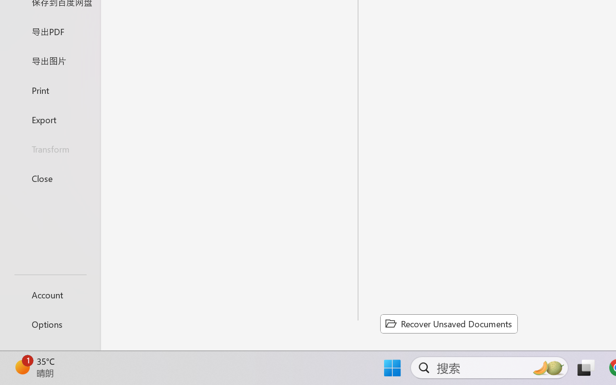  Describe the element at coordinates (50, 295) in the screenshot. I see `'Account'` at that location.